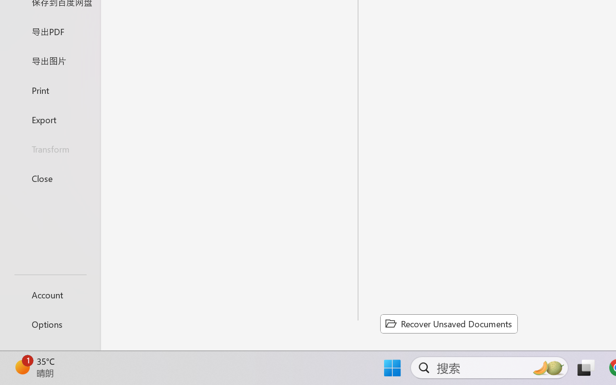  Describe the element at coordinates (50, 295) in the screenshot. I see `'Account'` at that location.